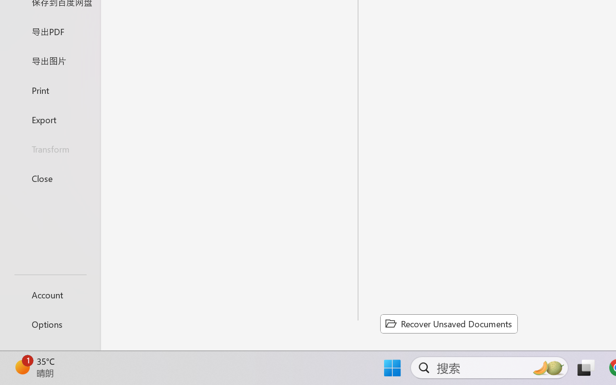  Describe the element at coordinates (50, 295) in the screenshot. I see `'Account'` at that location.